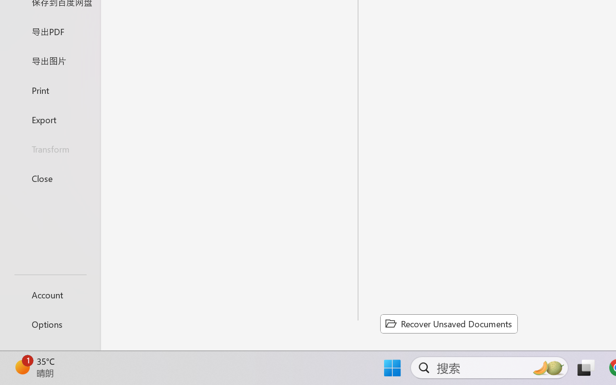  Describe the element at coordinates (50, 295) in the screenshot. I see `'Account'` at that location.